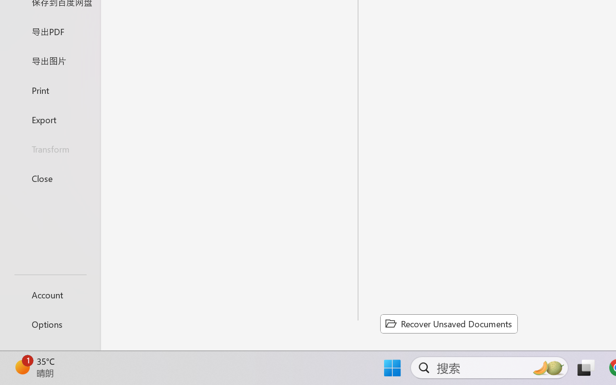  Describe the element at coordinates (50, 295) in the screenshot. I see `'Account'` at that location.